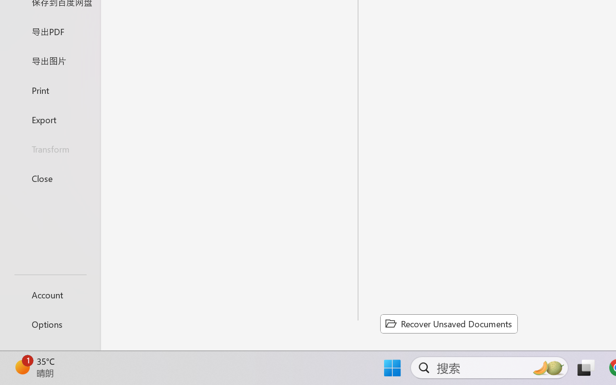  Describe the element at coordinates (50, 295) in the screenshot. I see `'Account'` at that location.